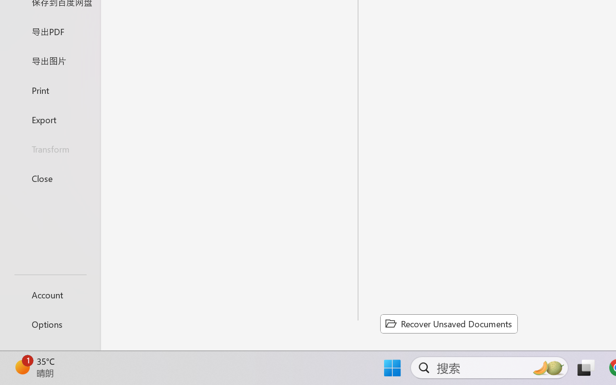  Describe the element at coordinates (50, 295) in the screenshot. I see `'Account'` at that location.